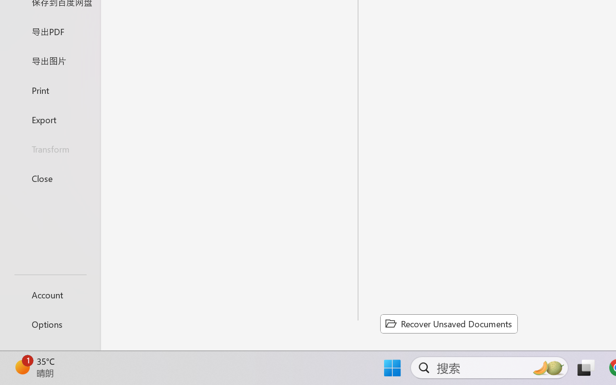  Describe the element at coordinates (50, 295) in the screenshot. I see `'Account'` at that location.